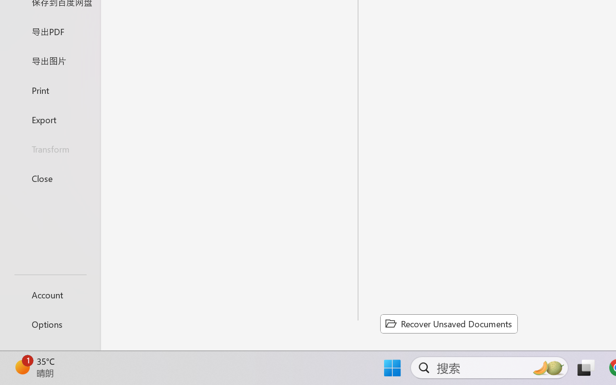  Describe the element at coordinates (50, 295) in the screenshot. I see `'Account'` at that location.